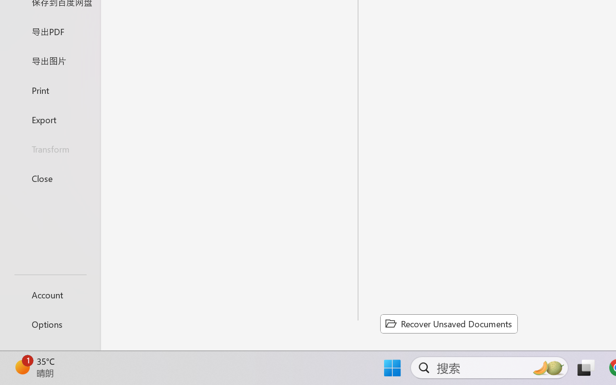  Describe the element at coordinates (50, 295) in the screenshot. I see `'Account'` at that location.